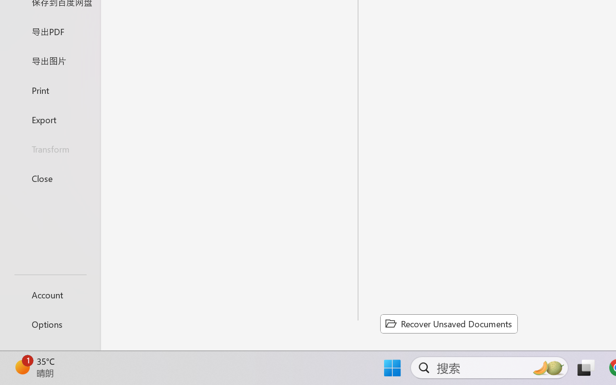  Describe the element at coordinates (50, 295) in the screenshot. I see `'Account'` at that location.